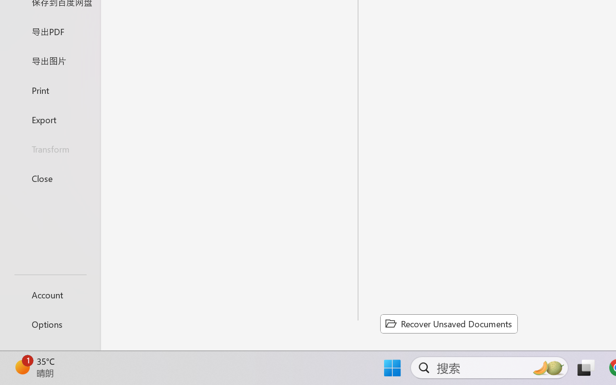  Describe the element at coordinates (50, 295) in the screenshot. I see `'Account'` at that location.